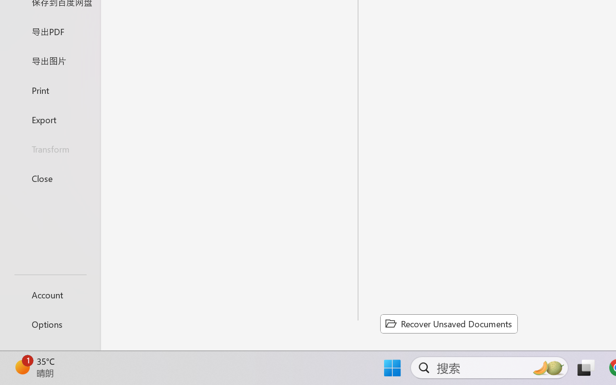  Describe the element at coordinates (50, 295) in the screenshot. I see `'Account'` at that location.